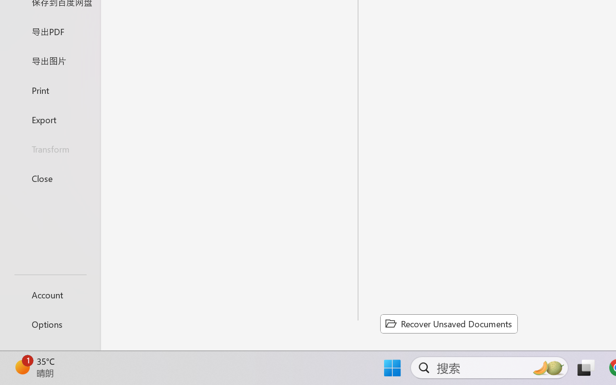  Describe the element at coordinates (50, 295) in the screenshot. I see `'Account'` at that location.